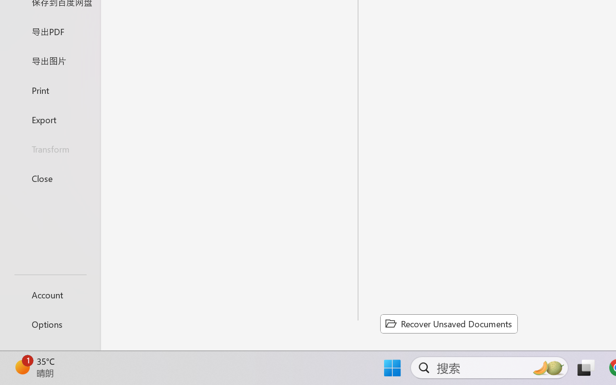  Describe the element at coordinates (50, 295) in the screenshot. I see `'Account'` at that location.